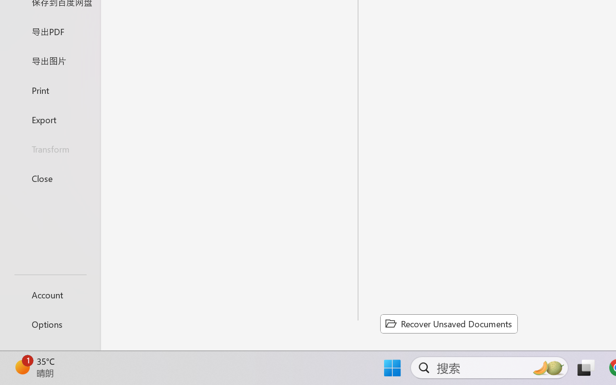  Describe the element at coordinates (50, 295) in the screenshot. I see `'Account'` at that location.